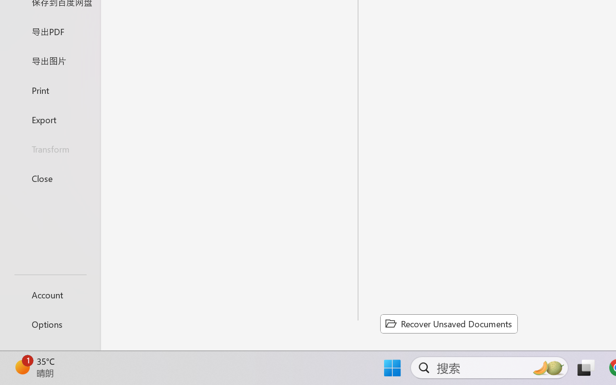  Describe the element at coordinates (50, 295) in the screenshot. I see `'Account'` at that location.